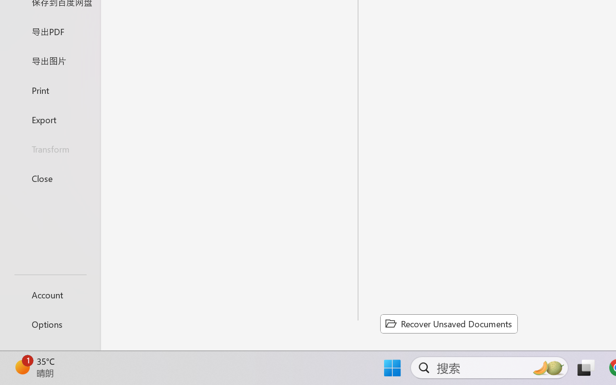  Describe the element at coordinates (50, 295) in the screenshot. I see `'Account'` at that location.